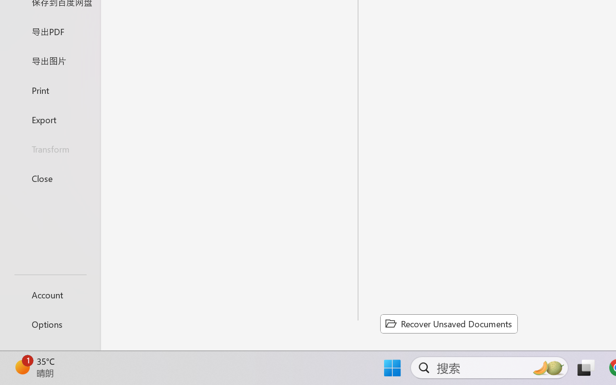  Describe the element at coordinates (50, 295) in the screenshot. I see `'Account'` at that location.